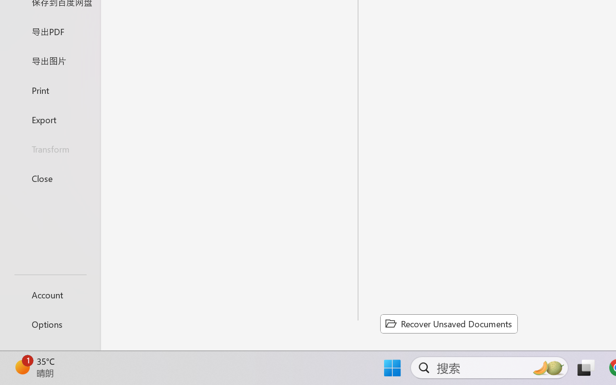  Describe the element at coordinates (50, 295) in the screenshot. I see `'Account'` at that location.